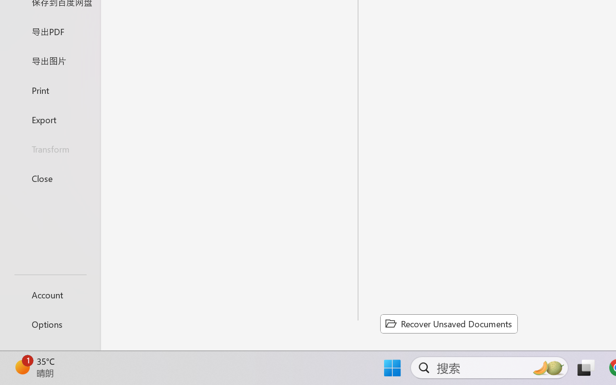  Describe the element at coordinates (50, 295) in the screenshot. I see `'Account'` at that location.